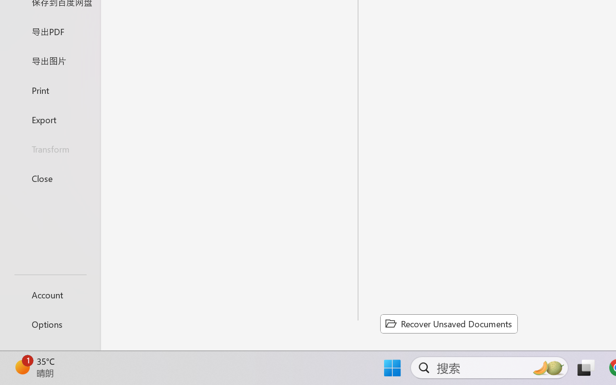  Describe the element at coordinates (50, 295) in the screenshot. I see `'Account'` at that location.